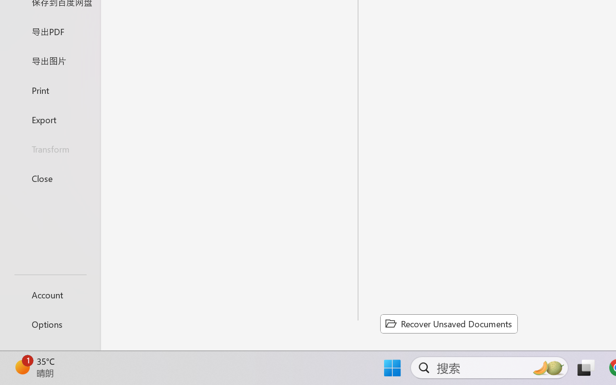  Describe the element at coordinates (50, 295) in the screenshot. I see `'Account'` at that location.